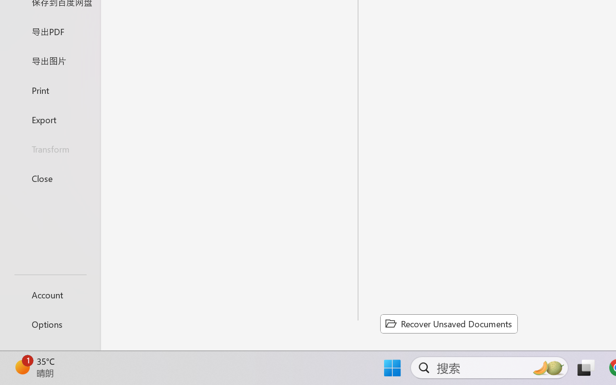  Describe the element at coordinates (50, 295) in the screenshot. I see `'Account'` at that location.